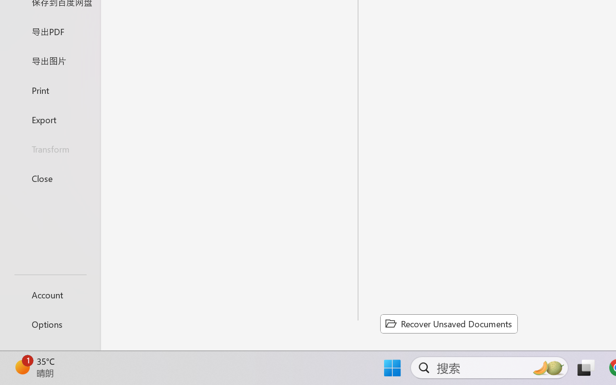  Describe the element at coordinates (50, 295) in the screenshot. I see `'Account'` at that location.